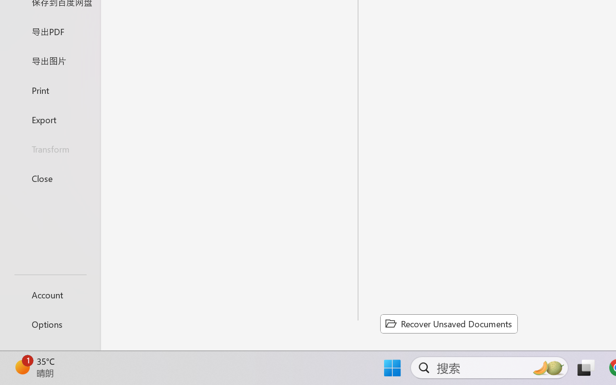  Describe the element at coordinates (50, 295) in the screenshot. I see `'Account'` at that location.